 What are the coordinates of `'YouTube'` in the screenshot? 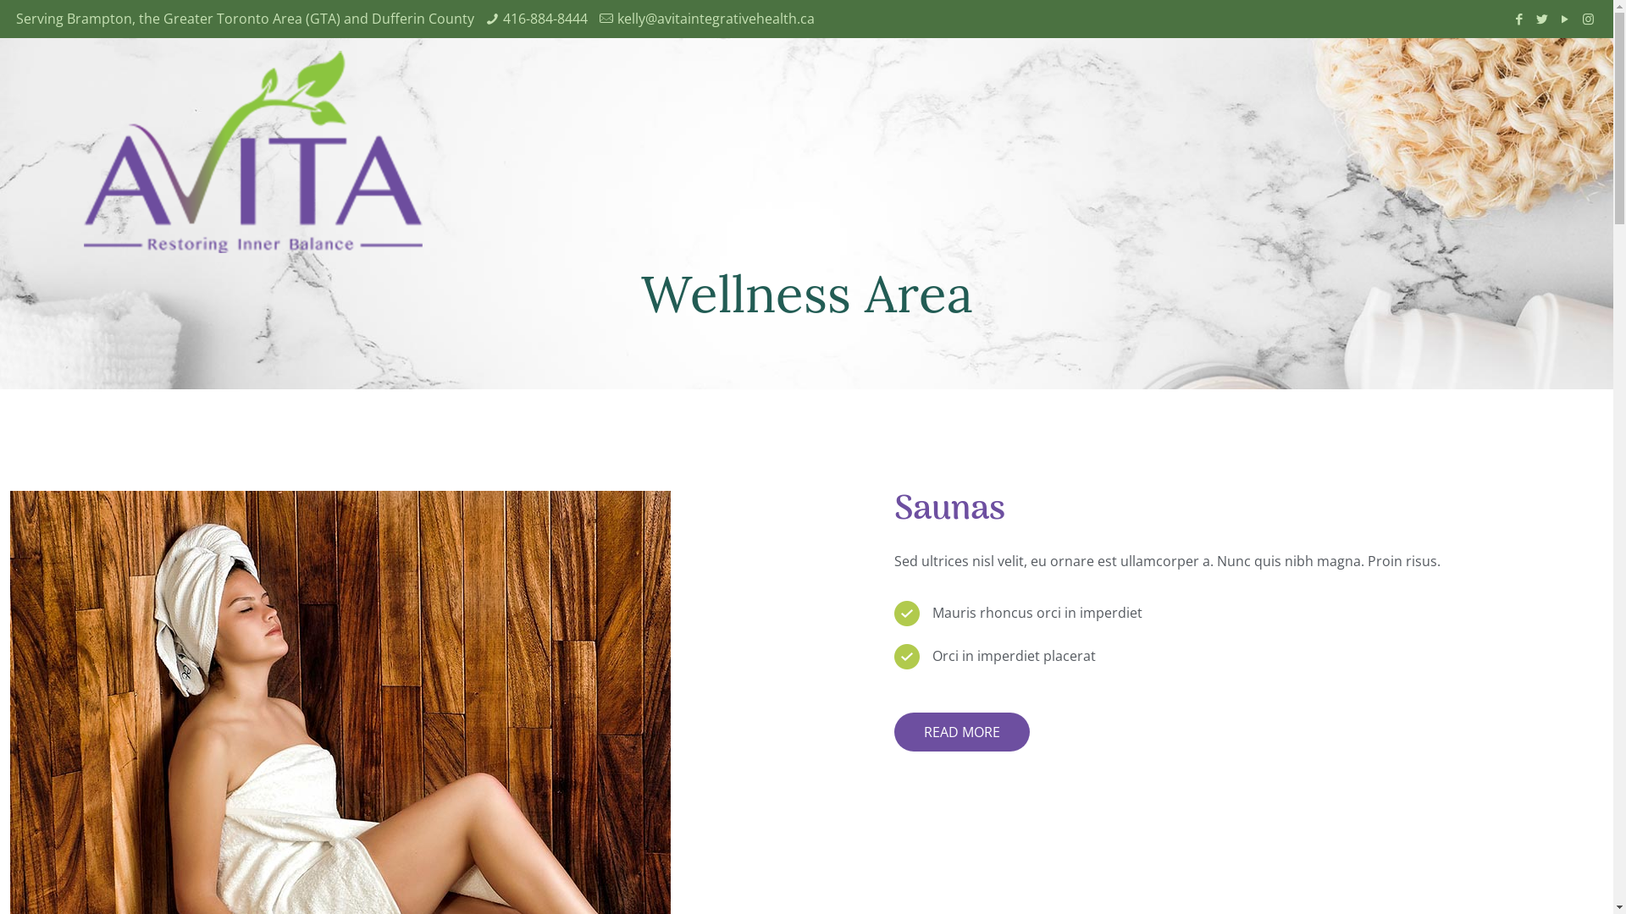 It's located at (1564, 19).